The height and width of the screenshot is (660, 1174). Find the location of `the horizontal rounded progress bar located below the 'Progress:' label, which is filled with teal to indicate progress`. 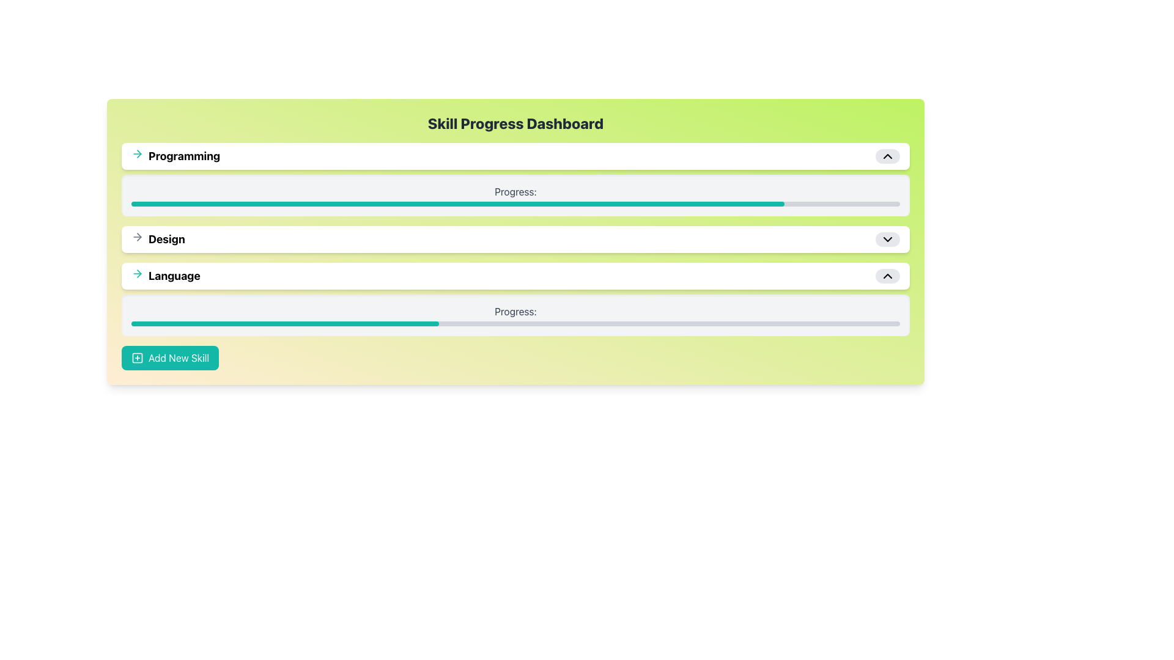

the horizontal rounded progress bar located below the 'Progress:' label, which is filled with teal to indicate progress is located at coordinates (515, 323).